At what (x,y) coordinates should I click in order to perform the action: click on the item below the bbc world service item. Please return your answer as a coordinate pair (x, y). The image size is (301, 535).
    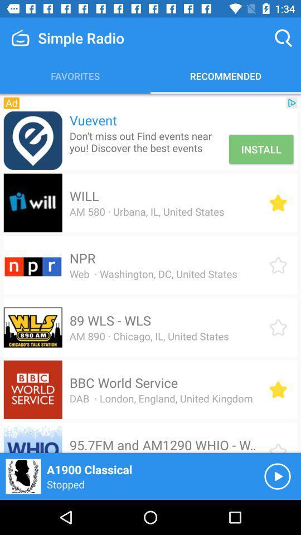
    Looking at the image, I should click on (161, 398).